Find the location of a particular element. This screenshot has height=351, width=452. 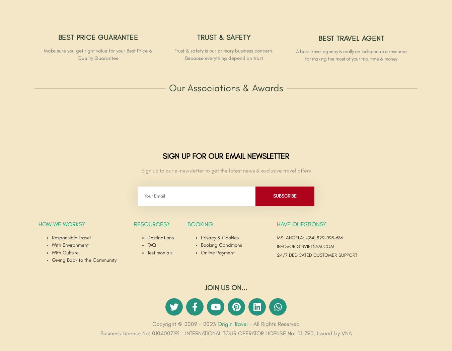

'Trust & safety is our primary business concern. Because everything depend on trust' is located at coordinates (224, 54).